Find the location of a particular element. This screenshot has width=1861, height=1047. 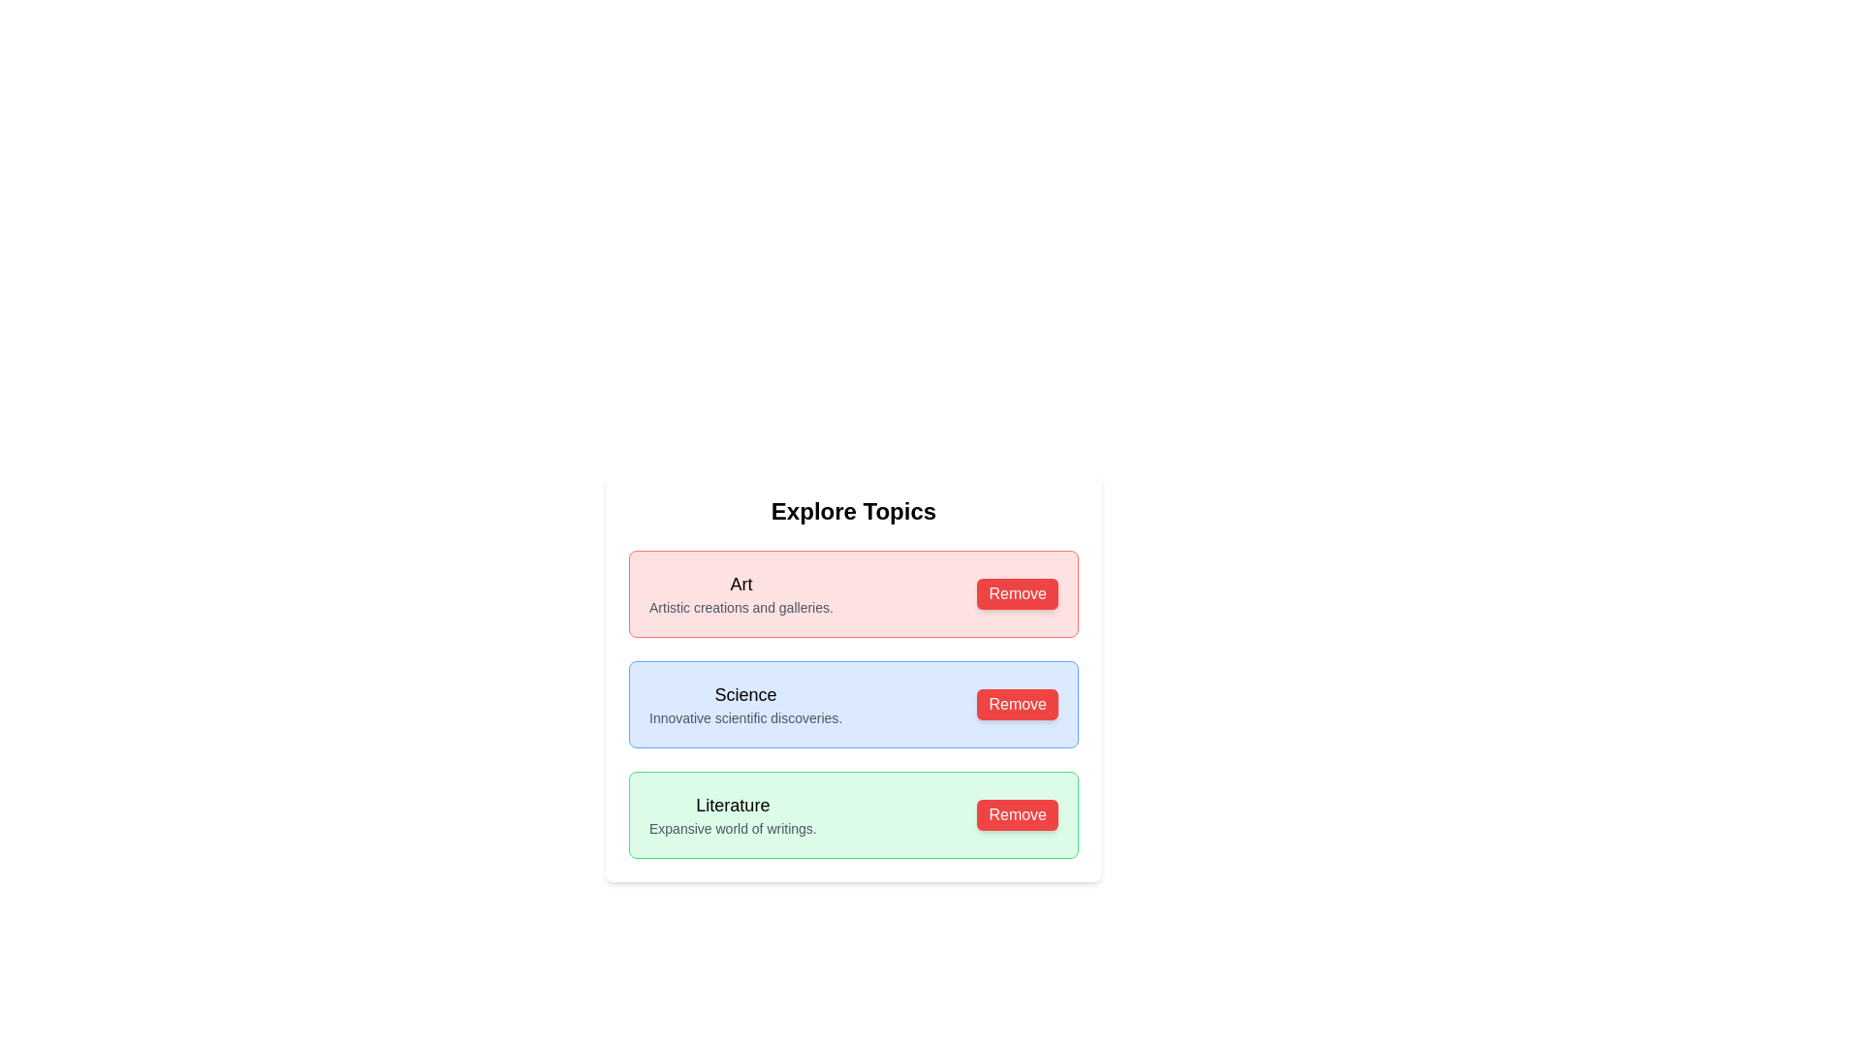

the remove button for the chip labeled 'Art' is located at coordinates (1017, 593).